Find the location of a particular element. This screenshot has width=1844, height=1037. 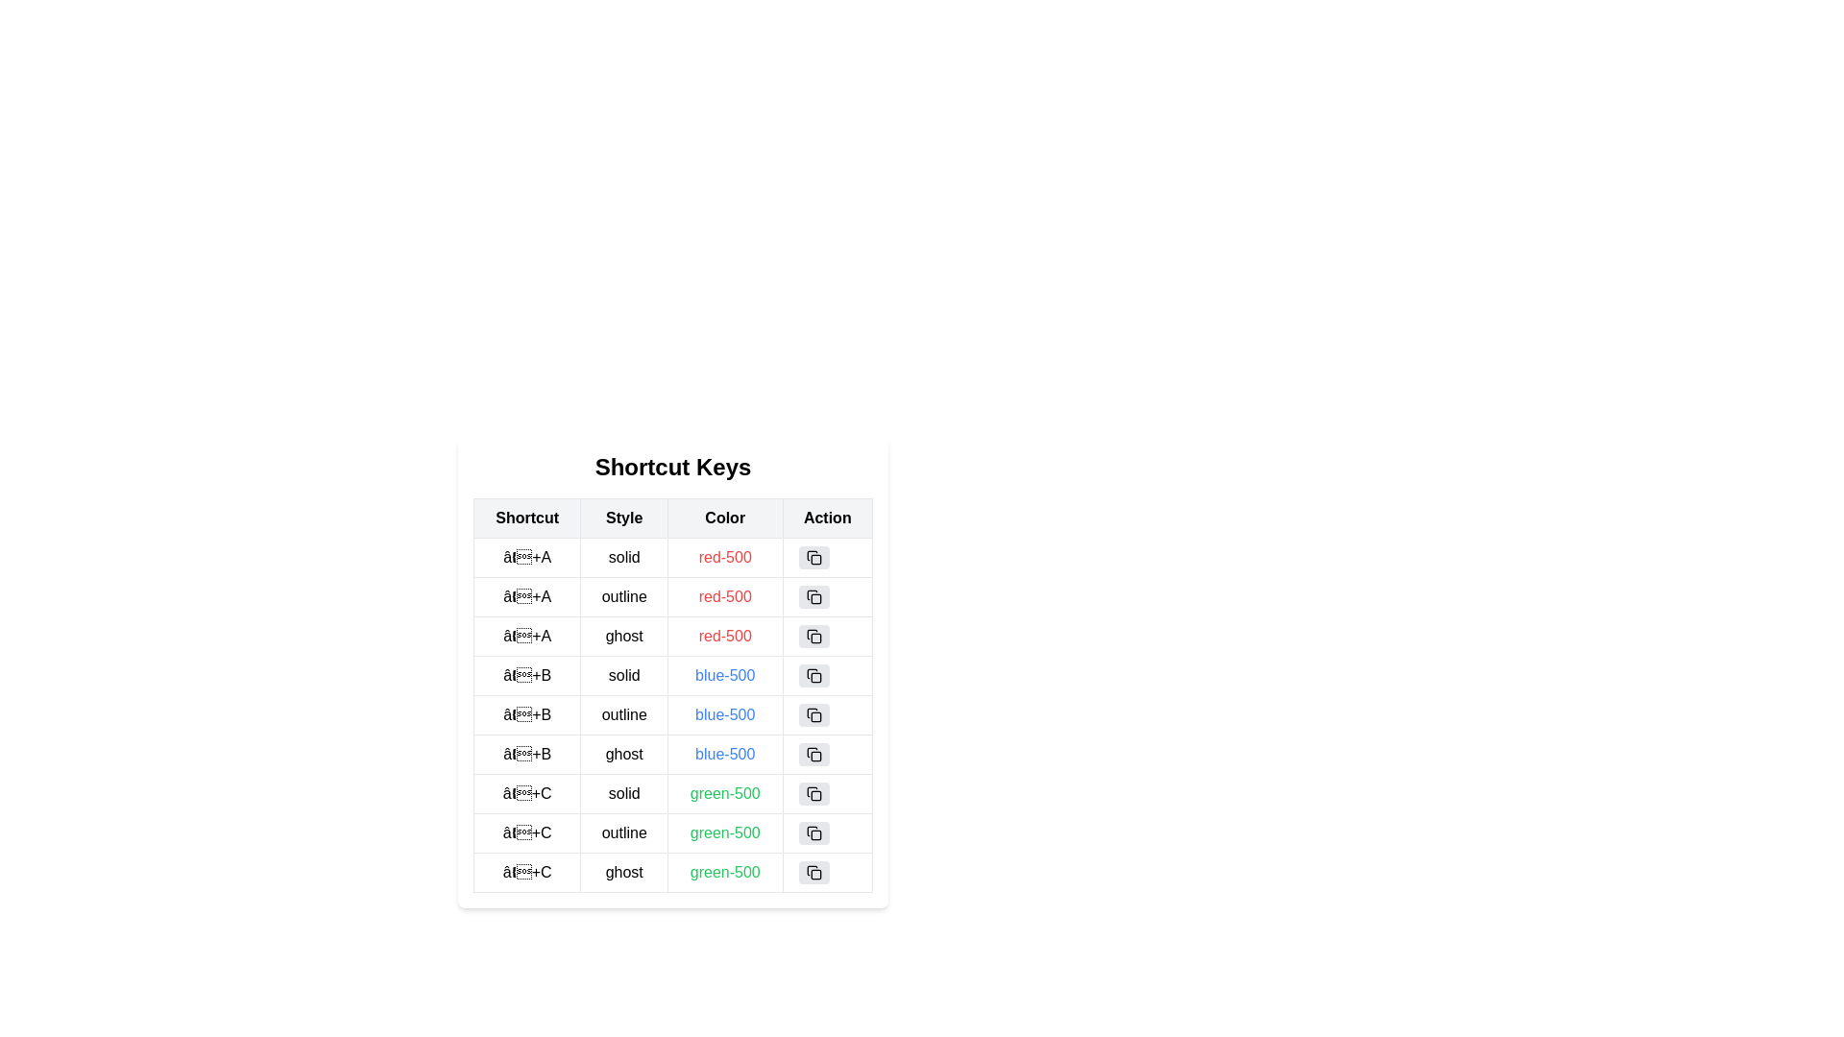

the static text label indicating the style type associated with the shortcut '⌘+C' in the Shortcut Keys table, located in the last group of rows under the 'Style' column is located at coordinates (624, 832).